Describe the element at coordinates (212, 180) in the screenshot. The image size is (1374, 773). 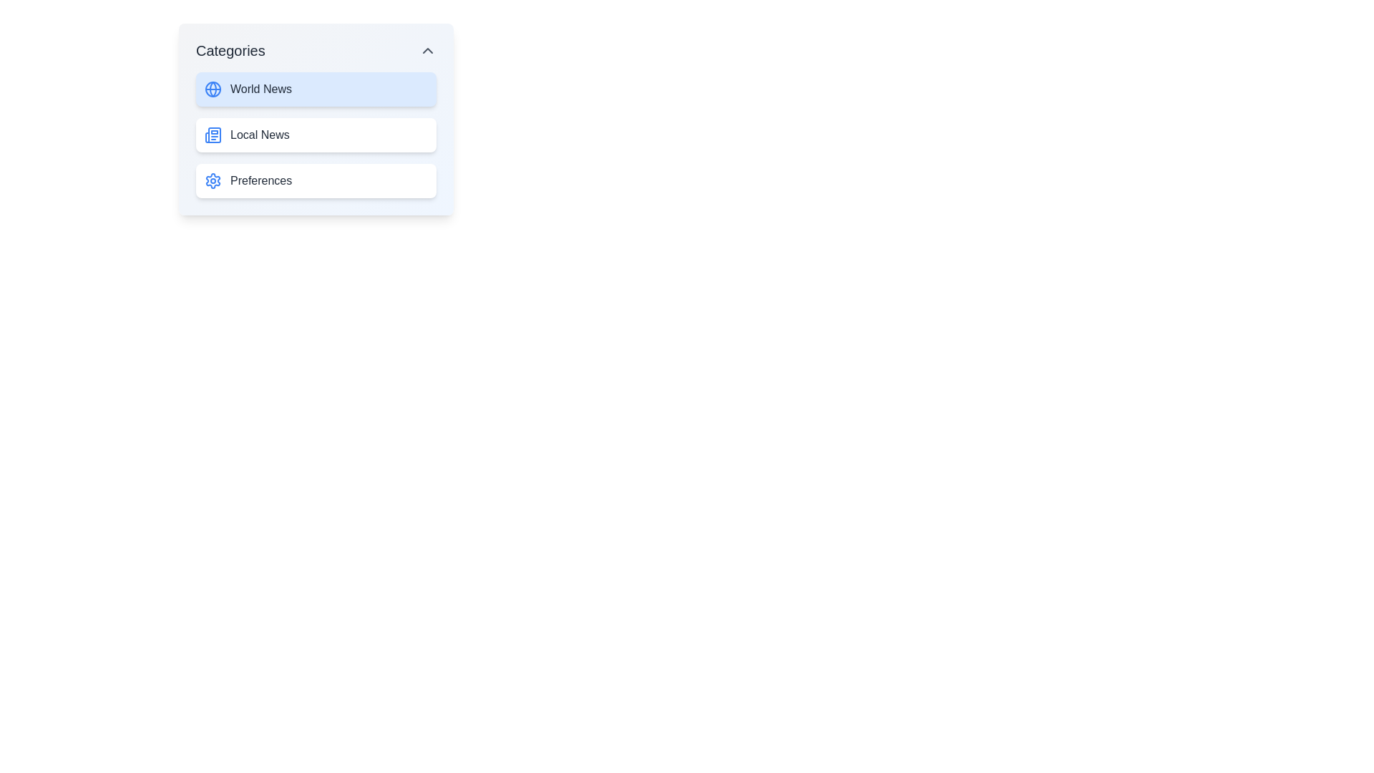
I see `the preferences icon in the left-side menu labeled 'Categories'` at that location.